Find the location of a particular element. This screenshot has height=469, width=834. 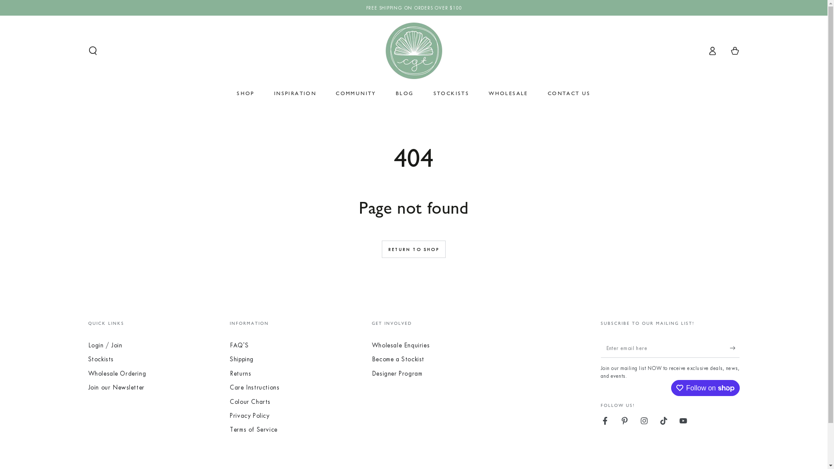

'WHOLESALE' is located at coordinates (508, 93).